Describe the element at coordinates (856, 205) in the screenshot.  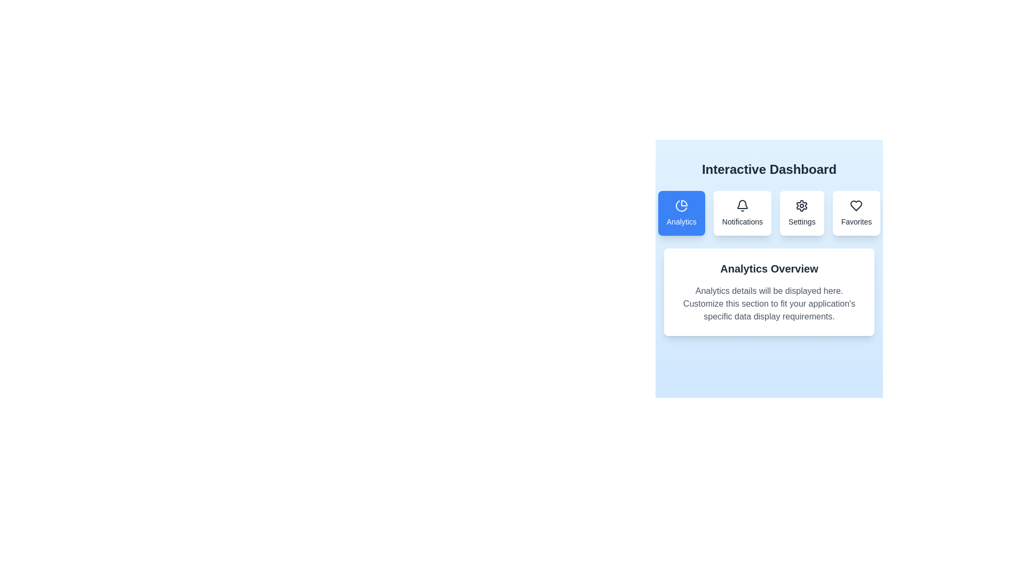
I see `the heart-shaped icon in the 'Favorites' section of the Interactive Dashboard` at that location.